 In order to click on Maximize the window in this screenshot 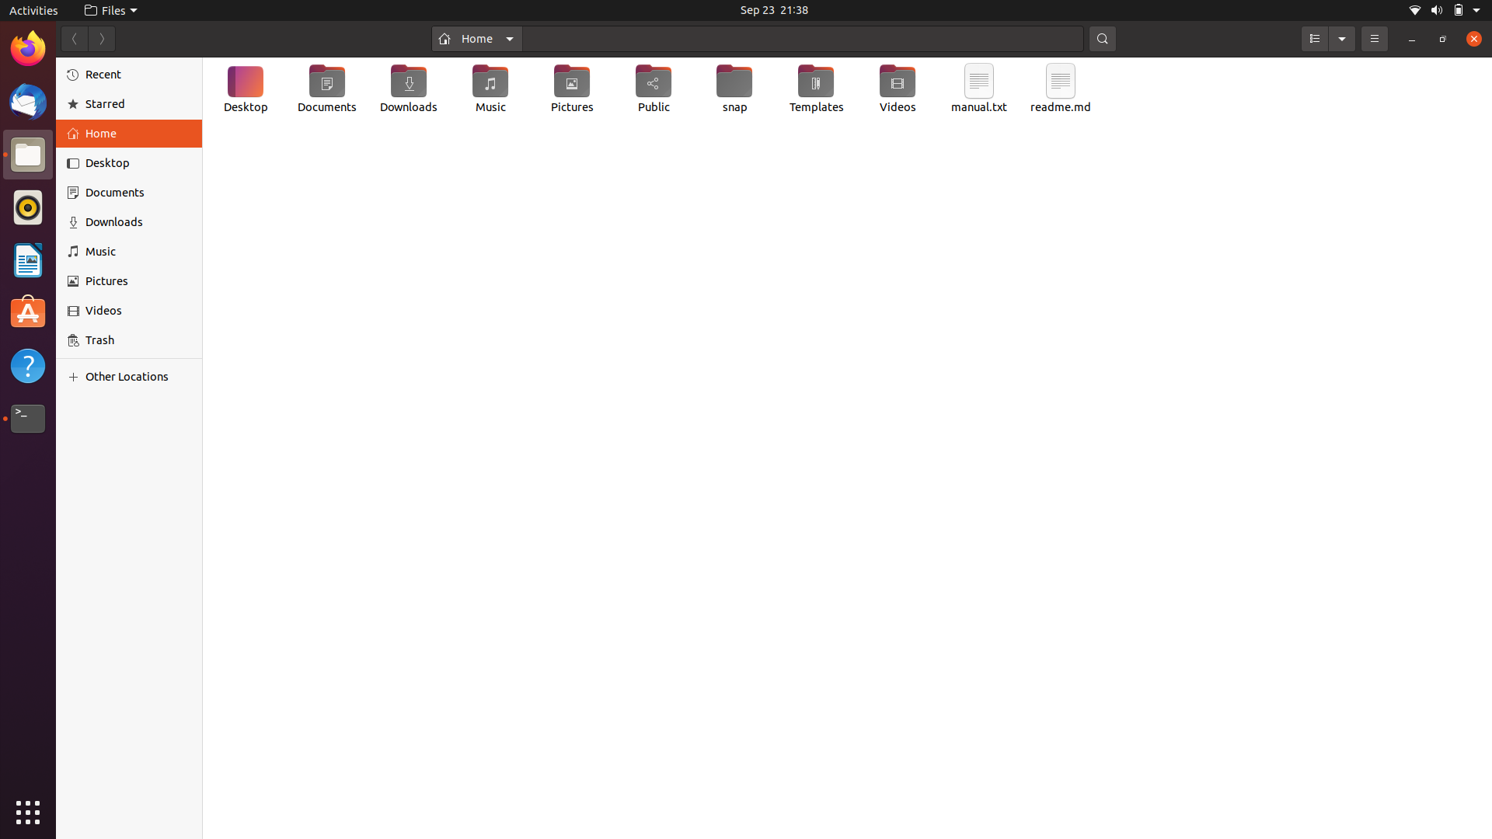, I will do `click(1441, 38)`.